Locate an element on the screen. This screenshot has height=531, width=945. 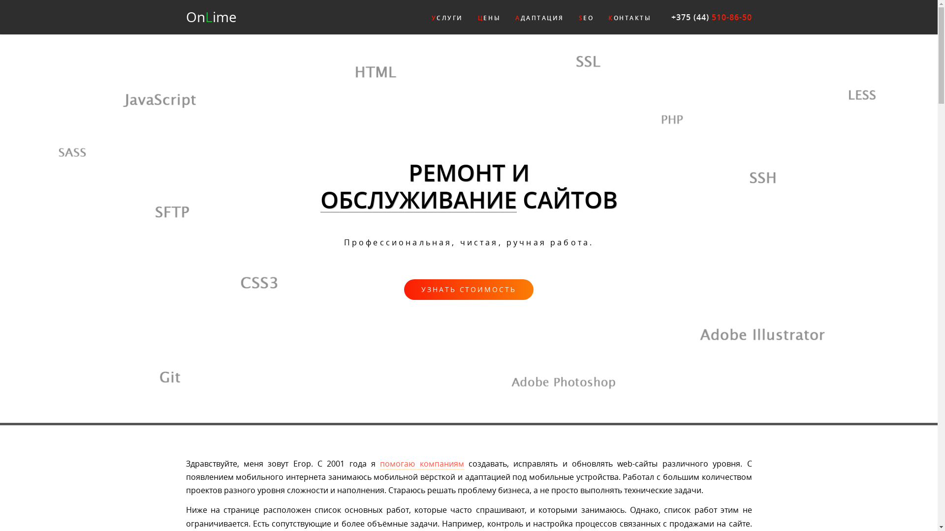
'OnLime' is located at coordinates (211, 17).